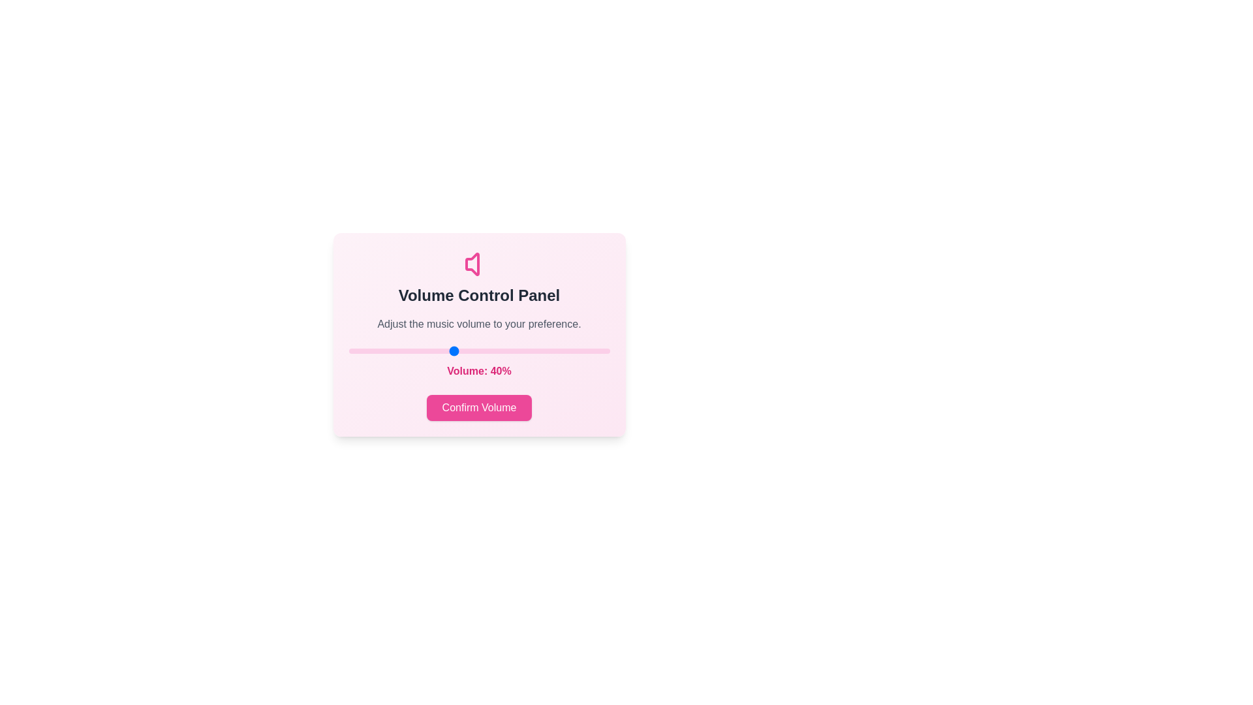 This screenshot has width=1253, height=705. Describe the element at coordinates (531, 350) in the screenshot. I see `the volume to 70 percent by dragging the slider` at that location.